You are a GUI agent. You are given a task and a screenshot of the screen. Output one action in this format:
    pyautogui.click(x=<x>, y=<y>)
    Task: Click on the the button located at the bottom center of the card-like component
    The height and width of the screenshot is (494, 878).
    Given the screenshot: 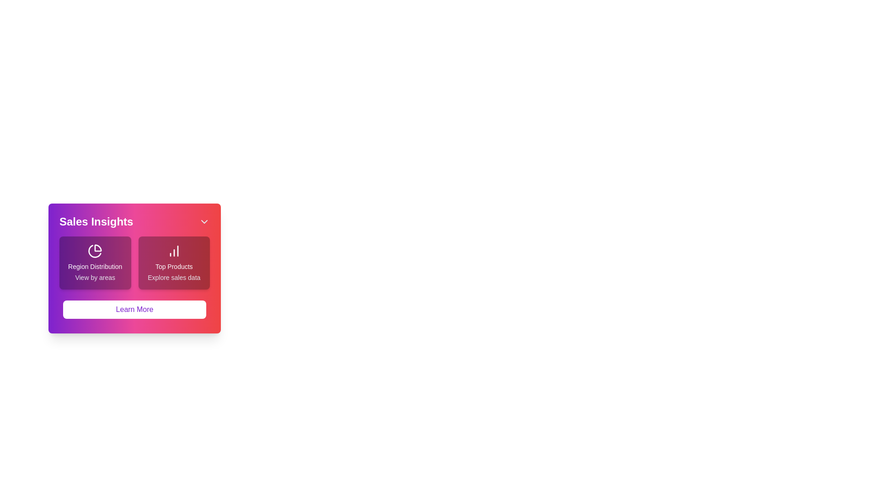 What is the action you would take?
    pyautogui.click(x=134, y=309)
    